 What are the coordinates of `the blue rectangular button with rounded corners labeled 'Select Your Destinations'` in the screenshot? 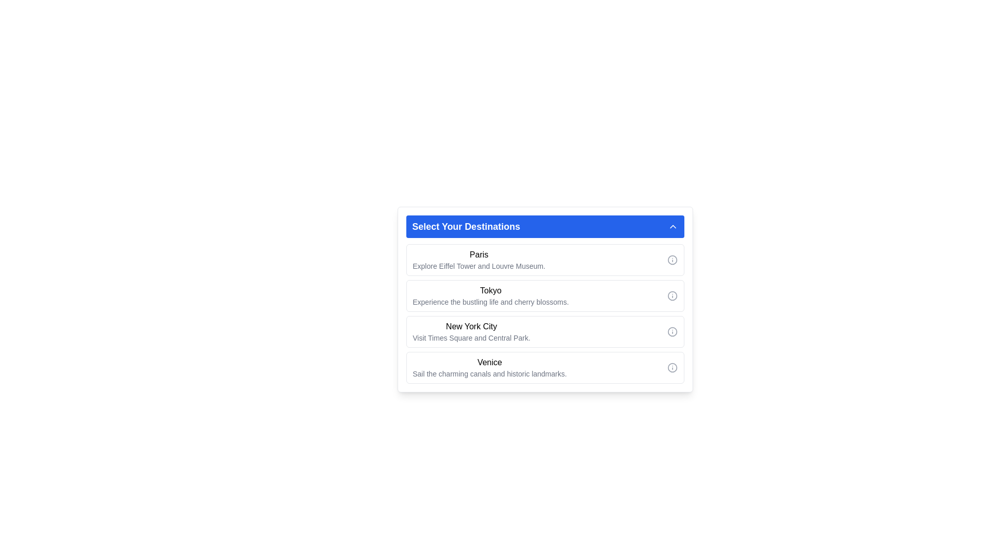 It's located at (544, 226).